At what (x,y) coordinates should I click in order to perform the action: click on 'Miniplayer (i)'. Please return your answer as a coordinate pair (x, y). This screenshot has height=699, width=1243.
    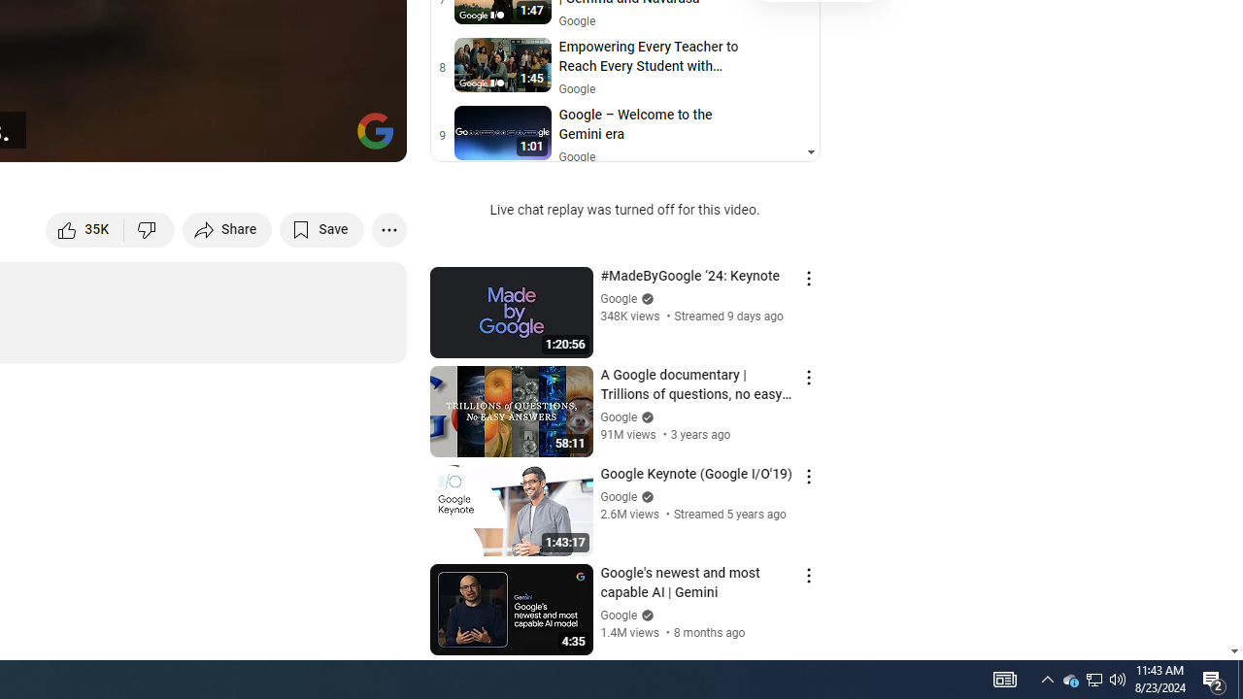
    Looking at the image, I should click on (277, 137).